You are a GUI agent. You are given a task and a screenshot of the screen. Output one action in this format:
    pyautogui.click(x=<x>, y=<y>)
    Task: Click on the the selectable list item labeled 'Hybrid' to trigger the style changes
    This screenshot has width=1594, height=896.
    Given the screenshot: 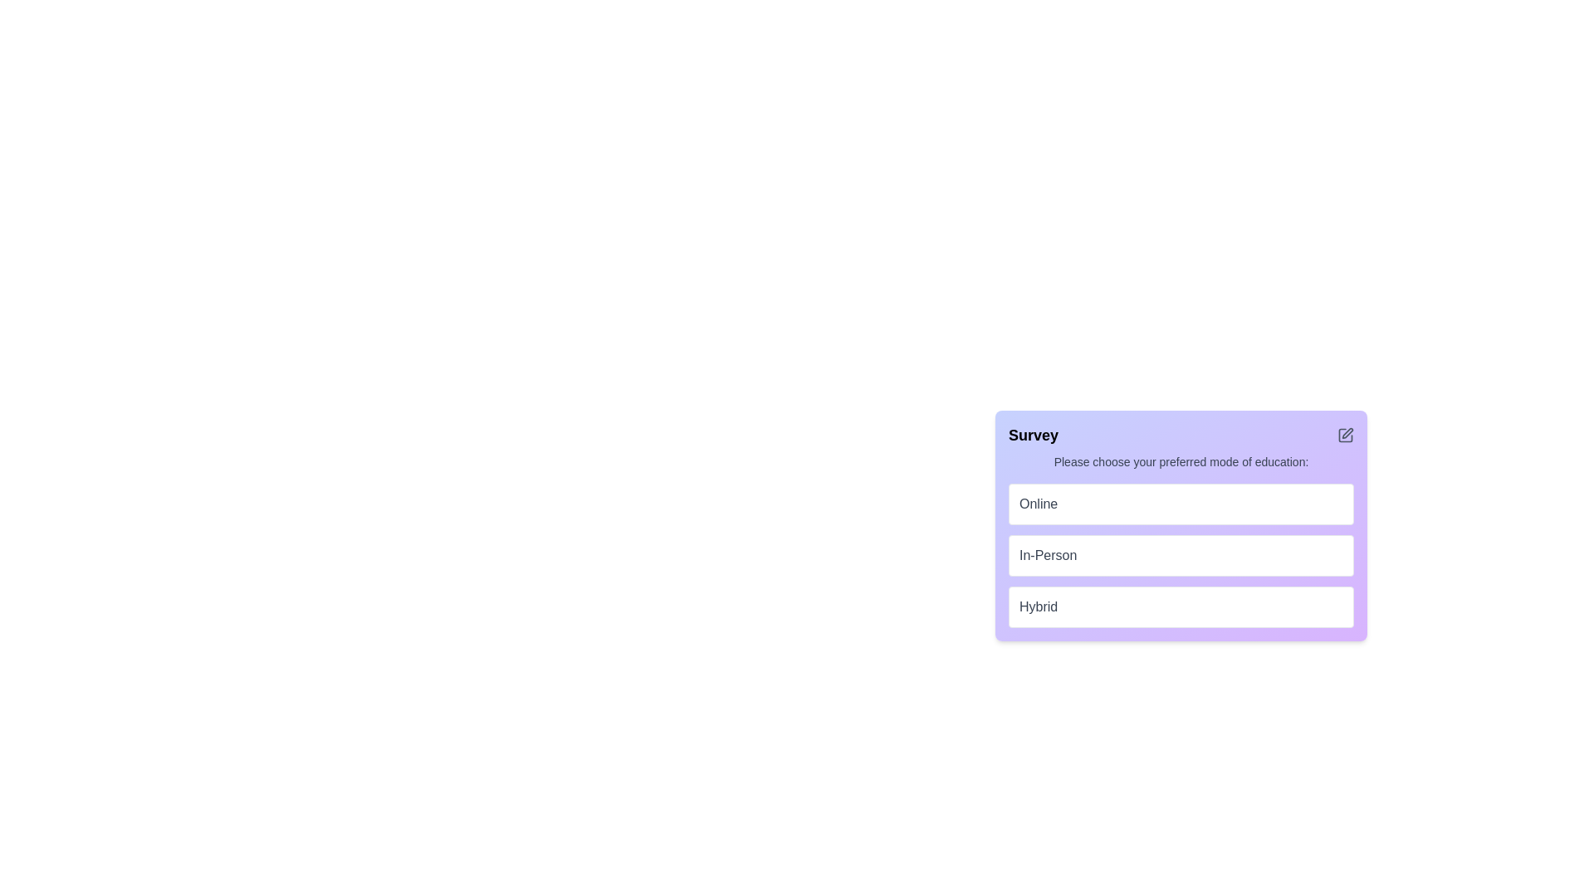 What is the action you would take?
    pyautogui.click(x=1180, y=607)
    